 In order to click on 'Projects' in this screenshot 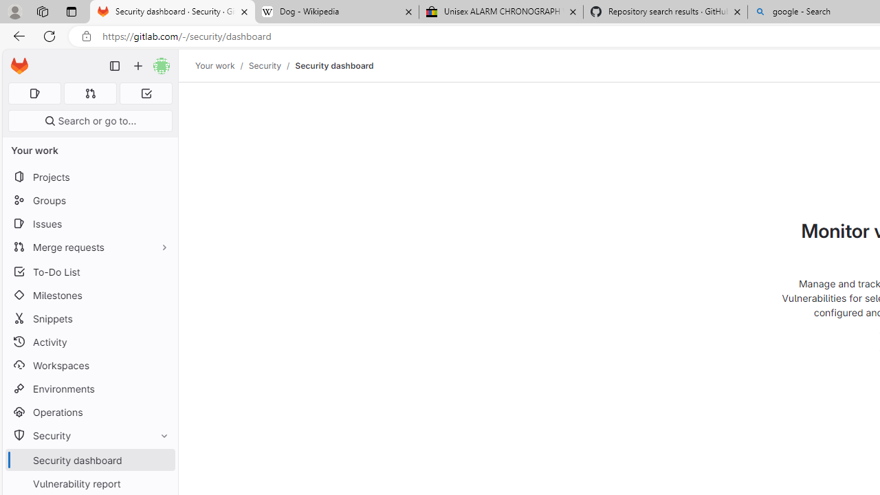, I will do `click(89, 176)`.